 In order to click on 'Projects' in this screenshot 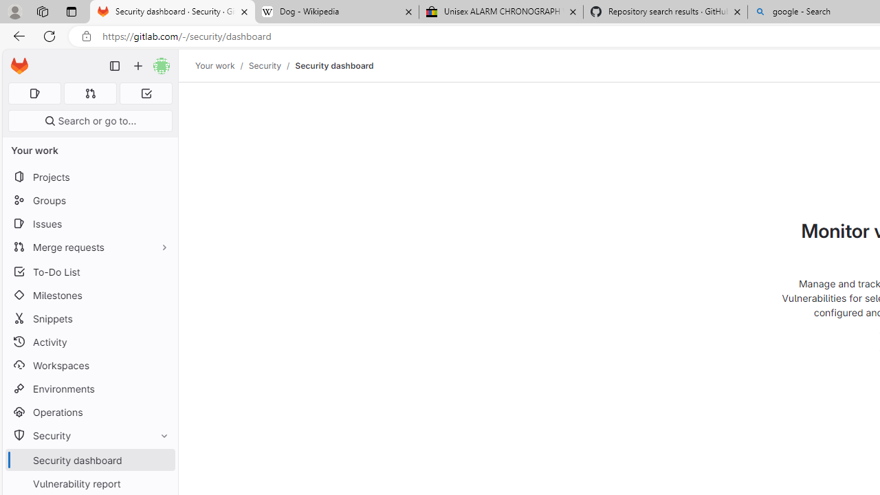, I will do `click(89, 176)`.